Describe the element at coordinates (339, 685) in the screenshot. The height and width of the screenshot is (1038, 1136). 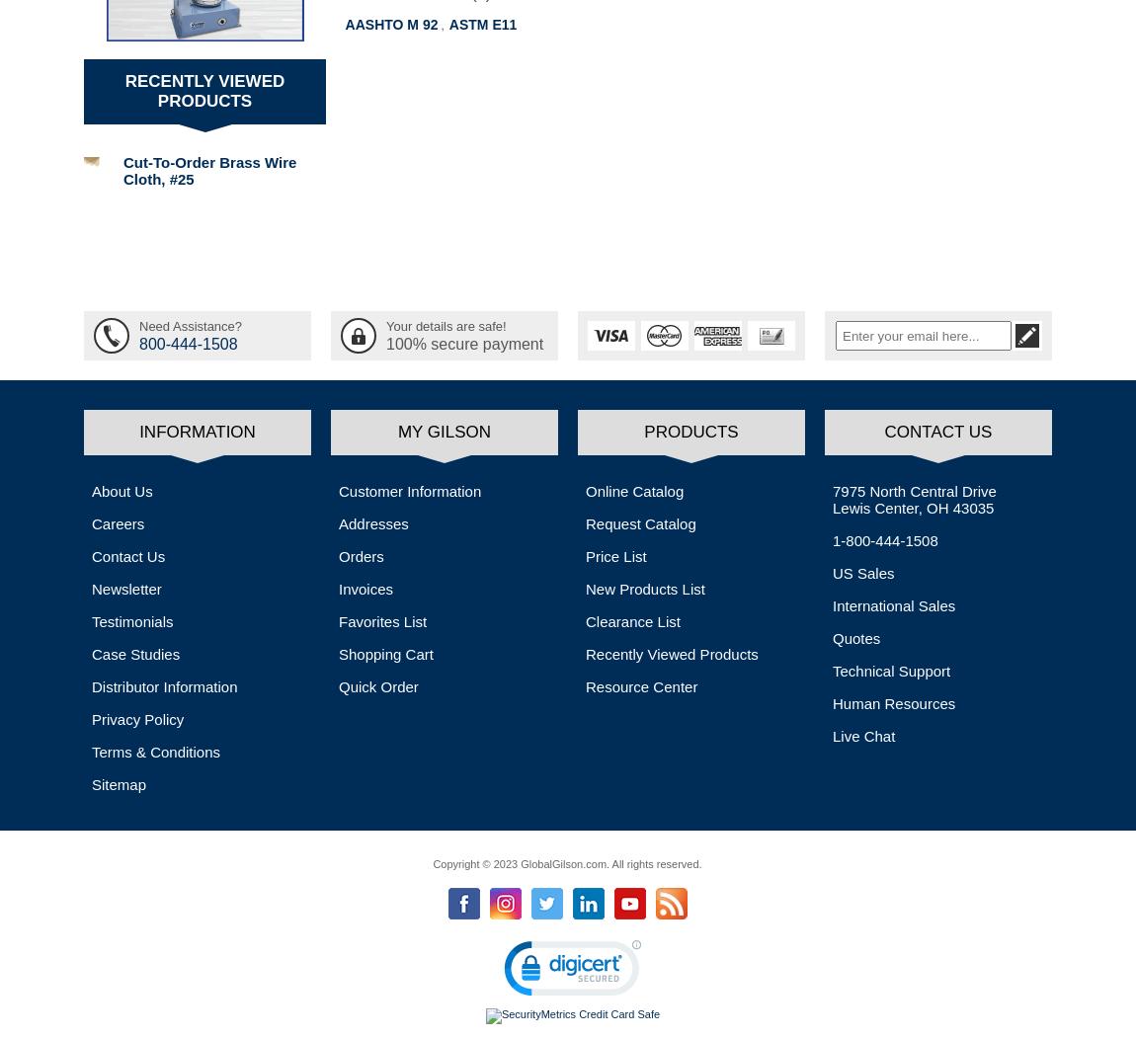
I see `'Quick Order'` at that location.